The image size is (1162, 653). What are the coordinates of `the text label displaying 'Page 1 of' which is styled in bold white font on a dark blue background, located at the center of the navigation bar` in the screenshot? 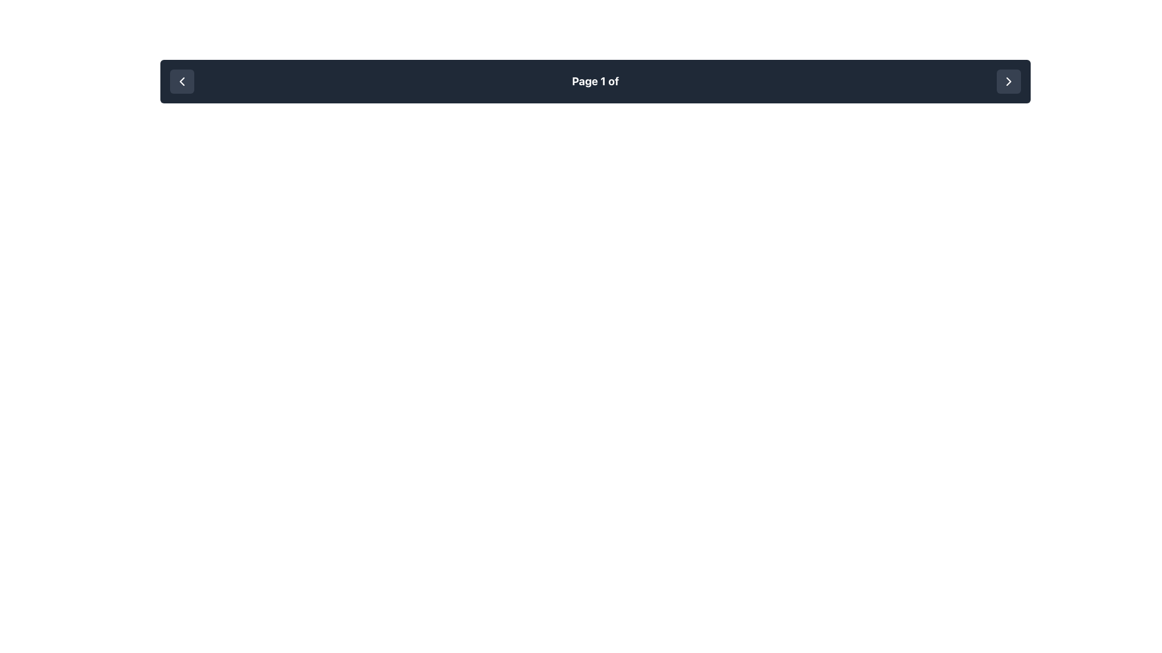 It's located at (595, 81).